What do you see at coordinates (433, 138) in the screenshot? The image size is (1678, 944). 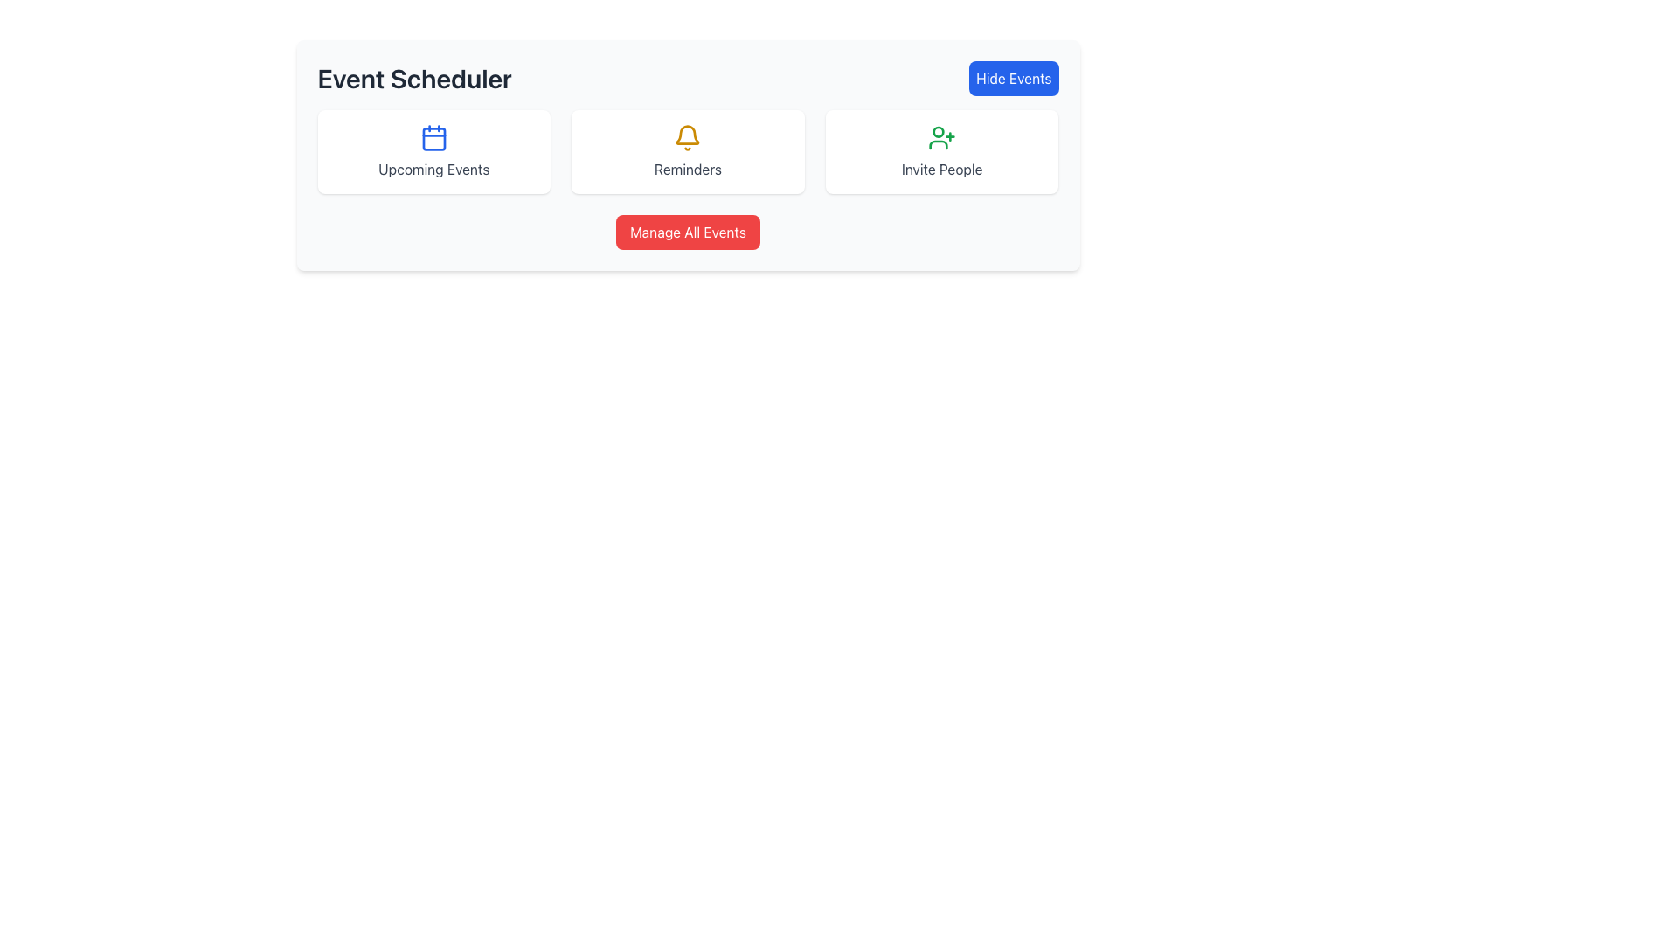 I see `the central rectangular SVG element with rounded corners within the calendar icon in the 'Event Scheduler' section` at bounding box center [433, 138].